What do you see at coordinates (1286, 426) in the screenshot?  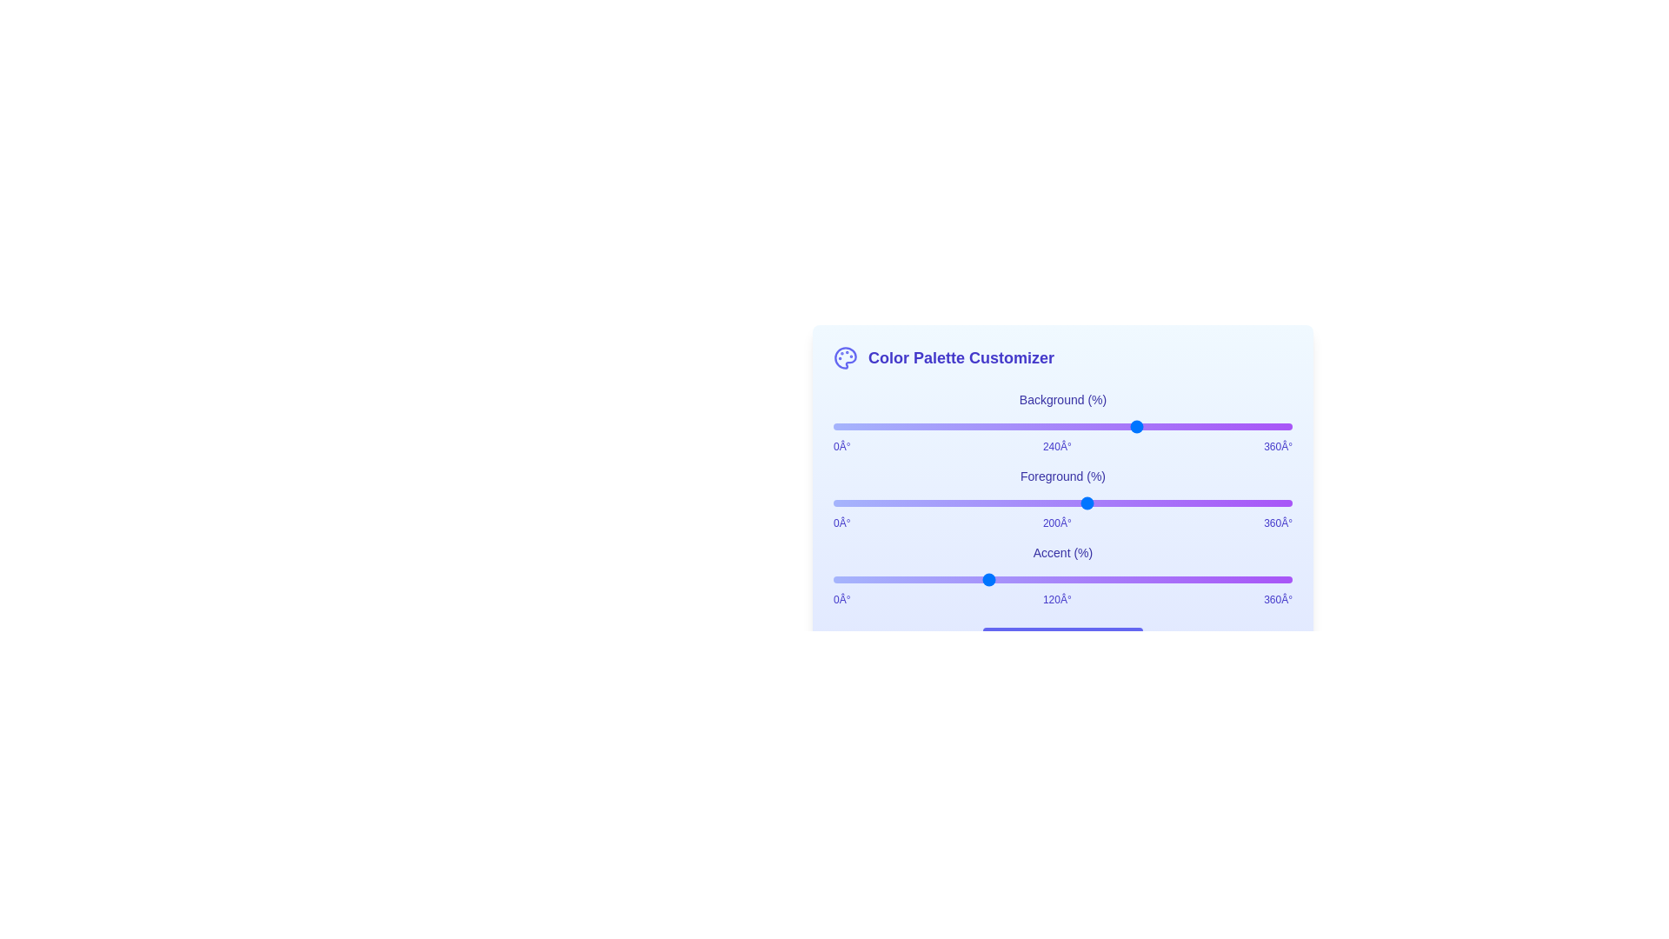 I see `the background color slider to set the hue to 355 degrees` at bounding box center [1286, 426].